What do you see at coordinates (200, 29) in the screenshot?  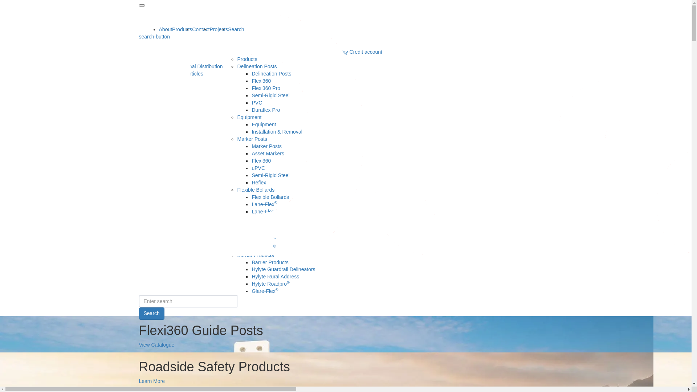 I see `'Contact'` at bounding box center [200, 29].